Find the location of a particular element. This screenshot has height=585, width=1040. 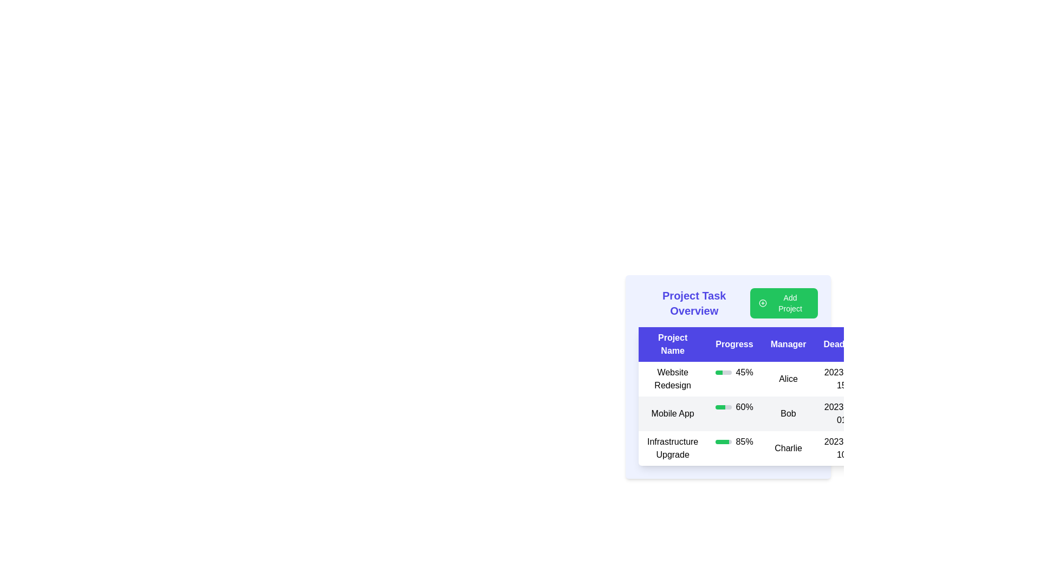

the Text Label column header in the table that indicates project names, located at the top-left corner of the header row is located at coordinates (672, 344).